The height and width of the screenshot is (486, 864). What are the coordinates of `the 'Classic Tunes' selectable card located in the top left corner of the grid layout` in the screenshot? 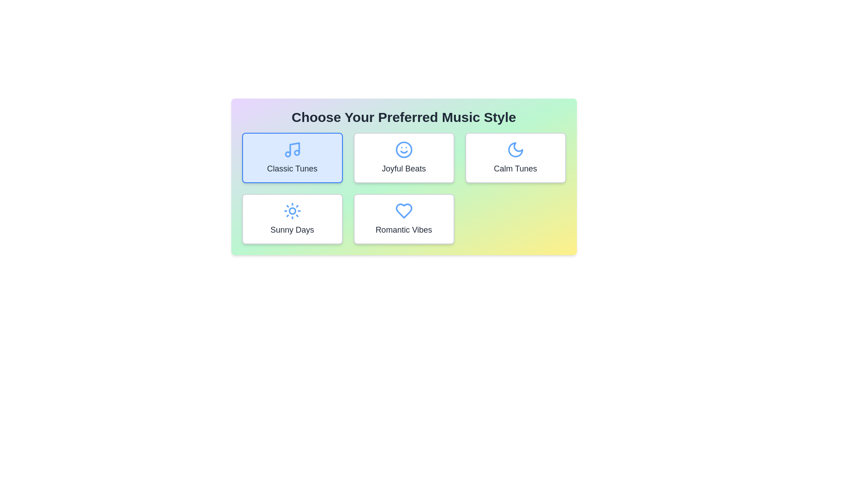 It's located at (292, 157).